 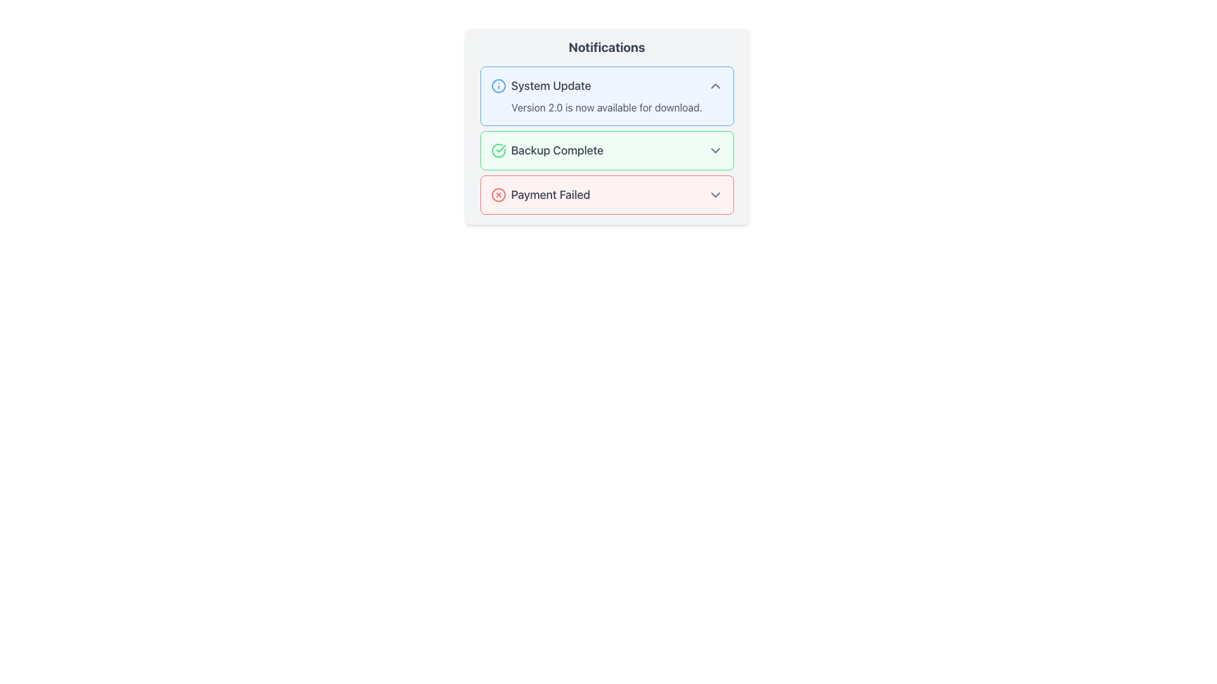 I want to click on the topmost Notification card in the notification panel that informs users about a system update, so click(x=606, y=95).